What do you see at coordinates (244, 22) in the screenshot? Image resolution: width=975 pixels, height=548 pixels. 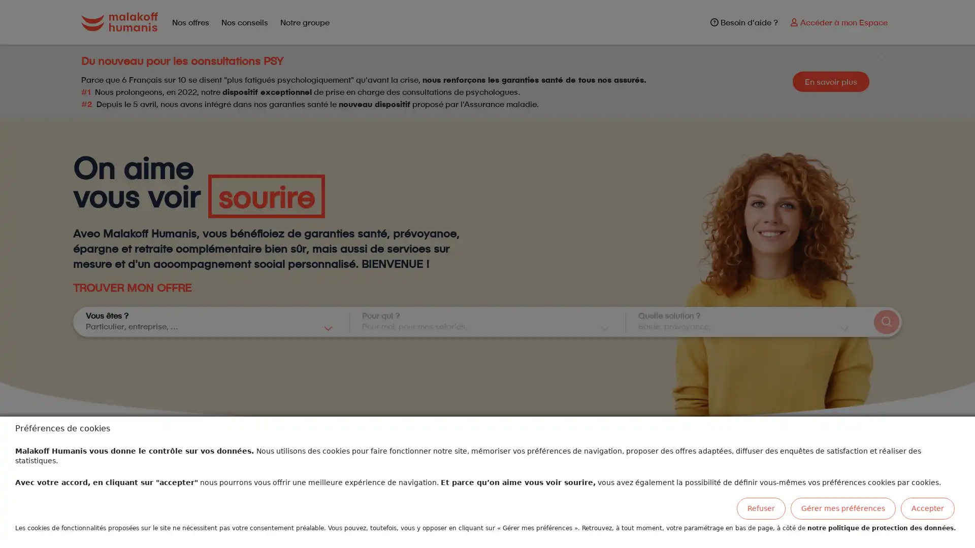 I see `Nos conseils` at bounding box center [244, 22].